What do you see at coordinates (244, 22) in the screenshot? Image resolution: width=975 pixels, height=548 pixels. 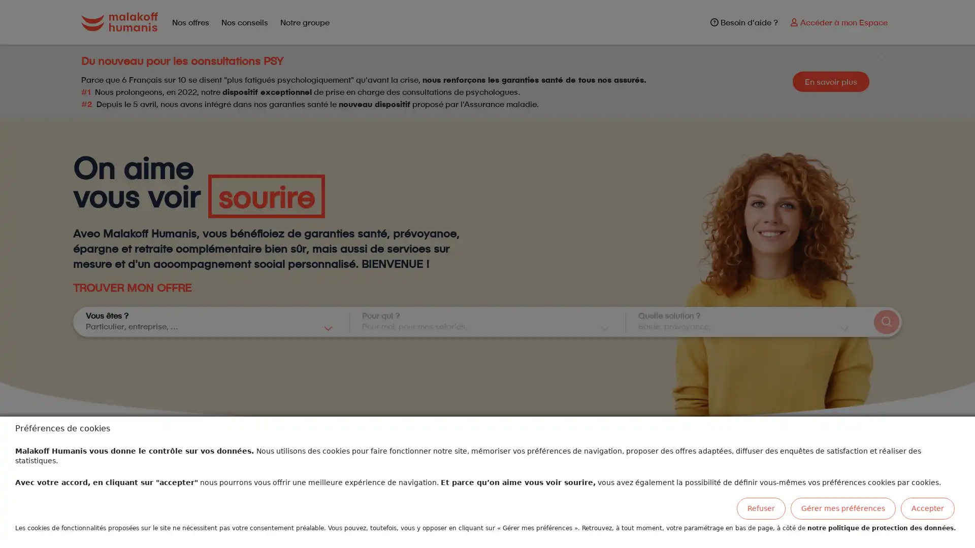 I see `Nos conseils` at bounding box center [244, 22].